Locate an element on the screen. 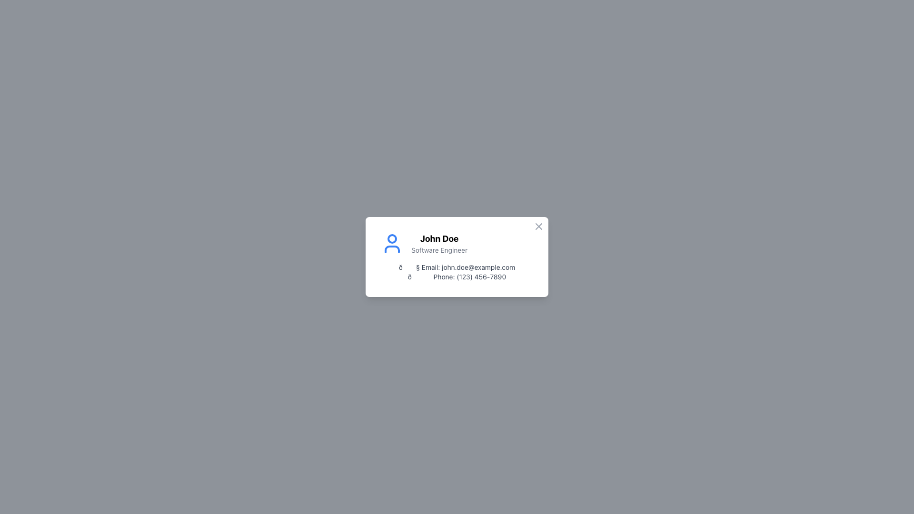 This screenshot has width=914, height=514. the close button located at the top-right corner of the card displaying personal information for 'John Doe' to change its color is located at coordinates (539, 226).